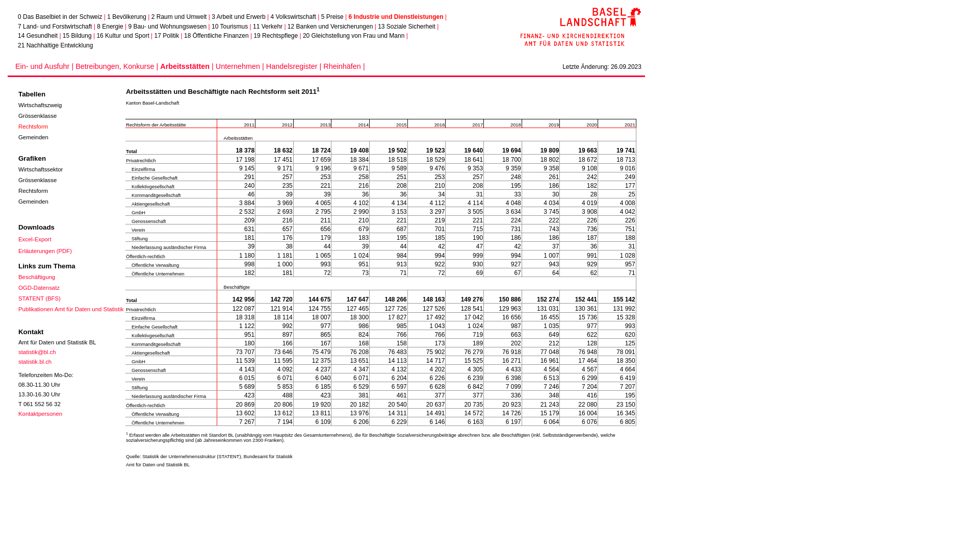  I want to click on 'Betreibungen, Konkurse |', so click(75, 66).